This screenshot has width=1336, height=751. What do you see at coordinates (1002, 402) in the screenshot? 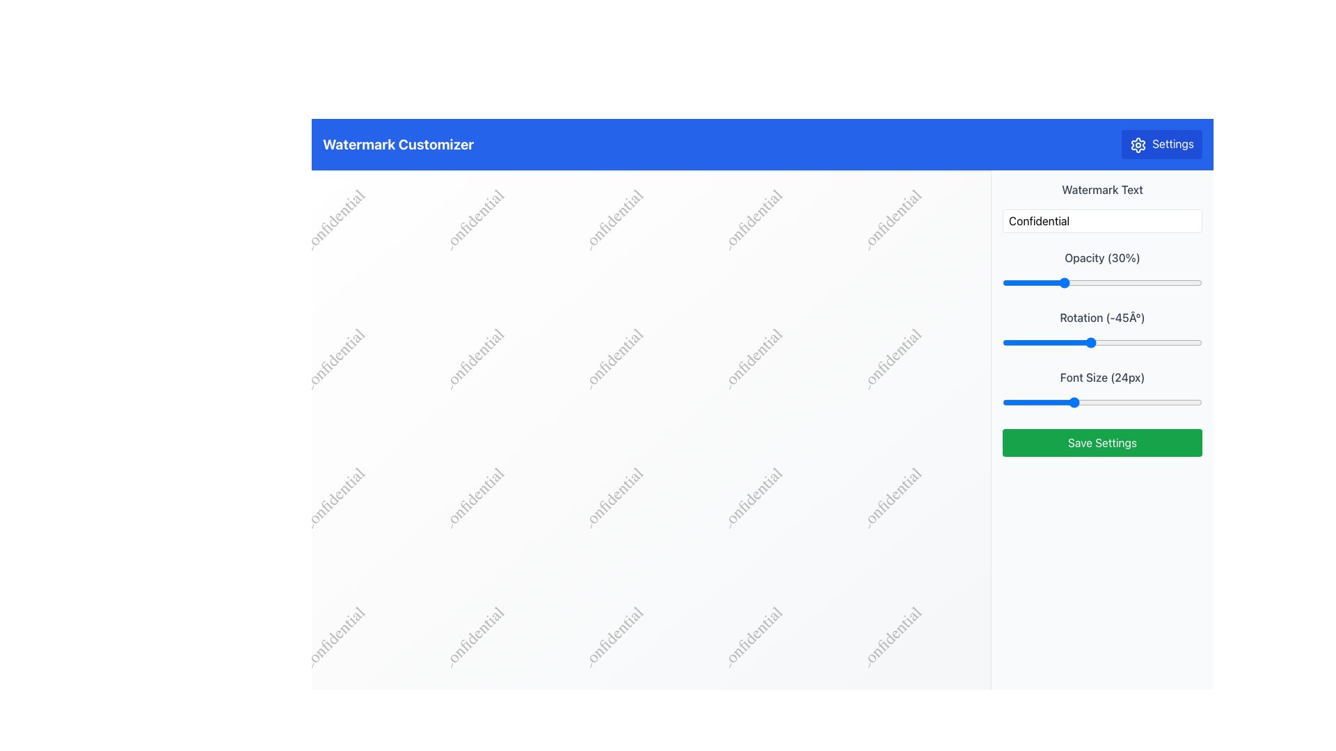
I see `the font size` at bounding box center [1002, 402].